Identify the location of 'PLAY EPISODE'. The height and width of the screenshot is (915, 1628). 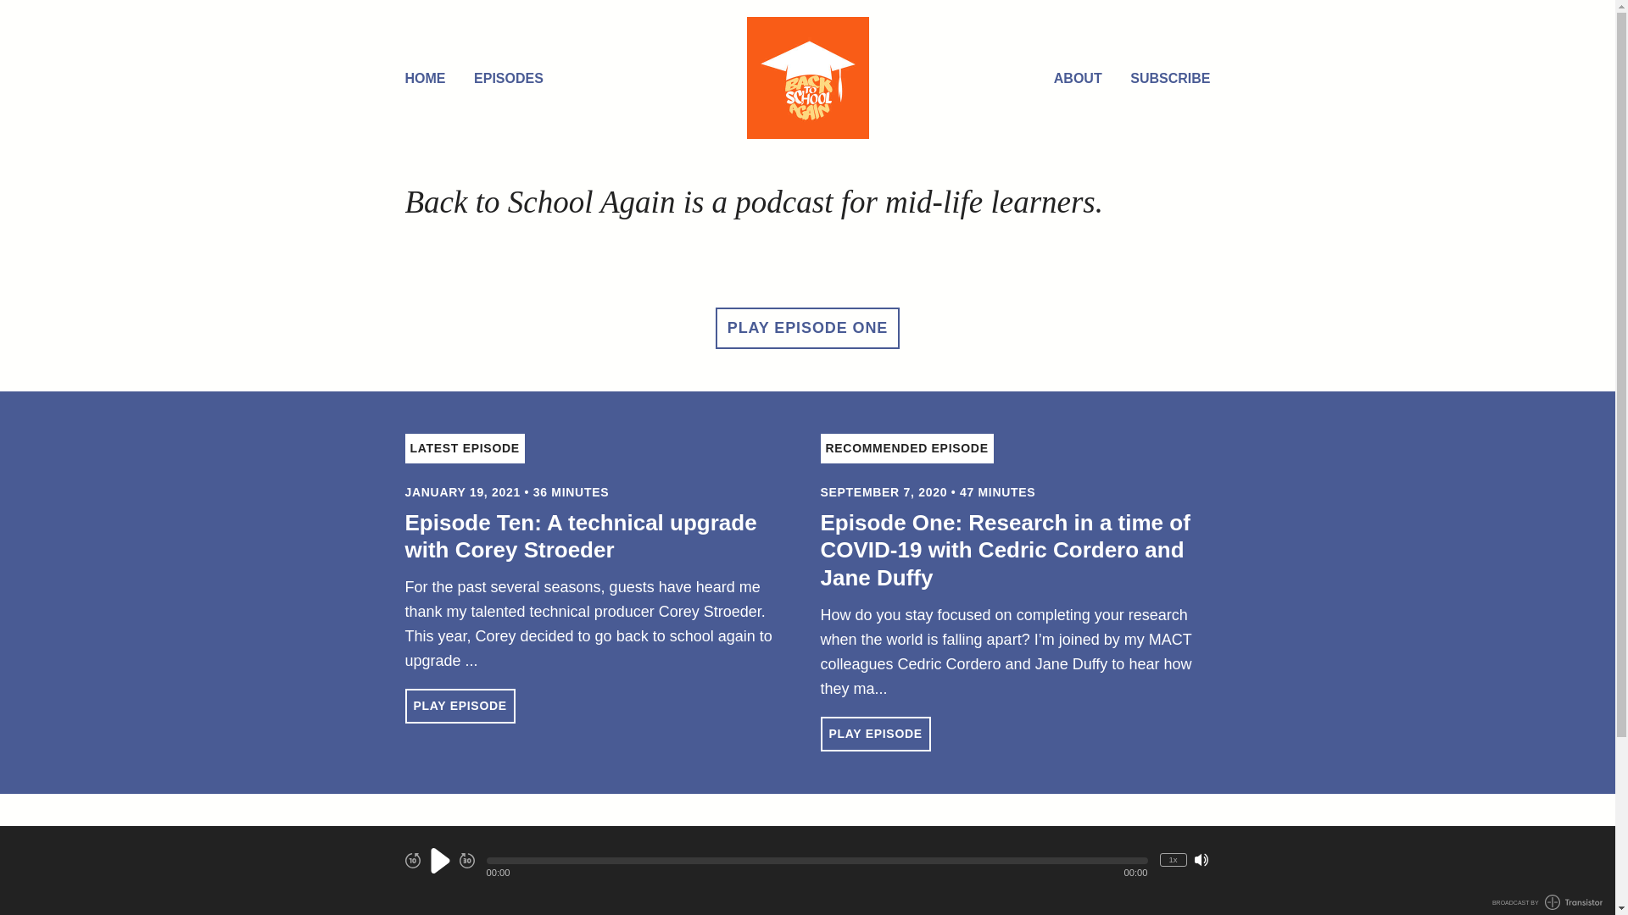
(875, 733).